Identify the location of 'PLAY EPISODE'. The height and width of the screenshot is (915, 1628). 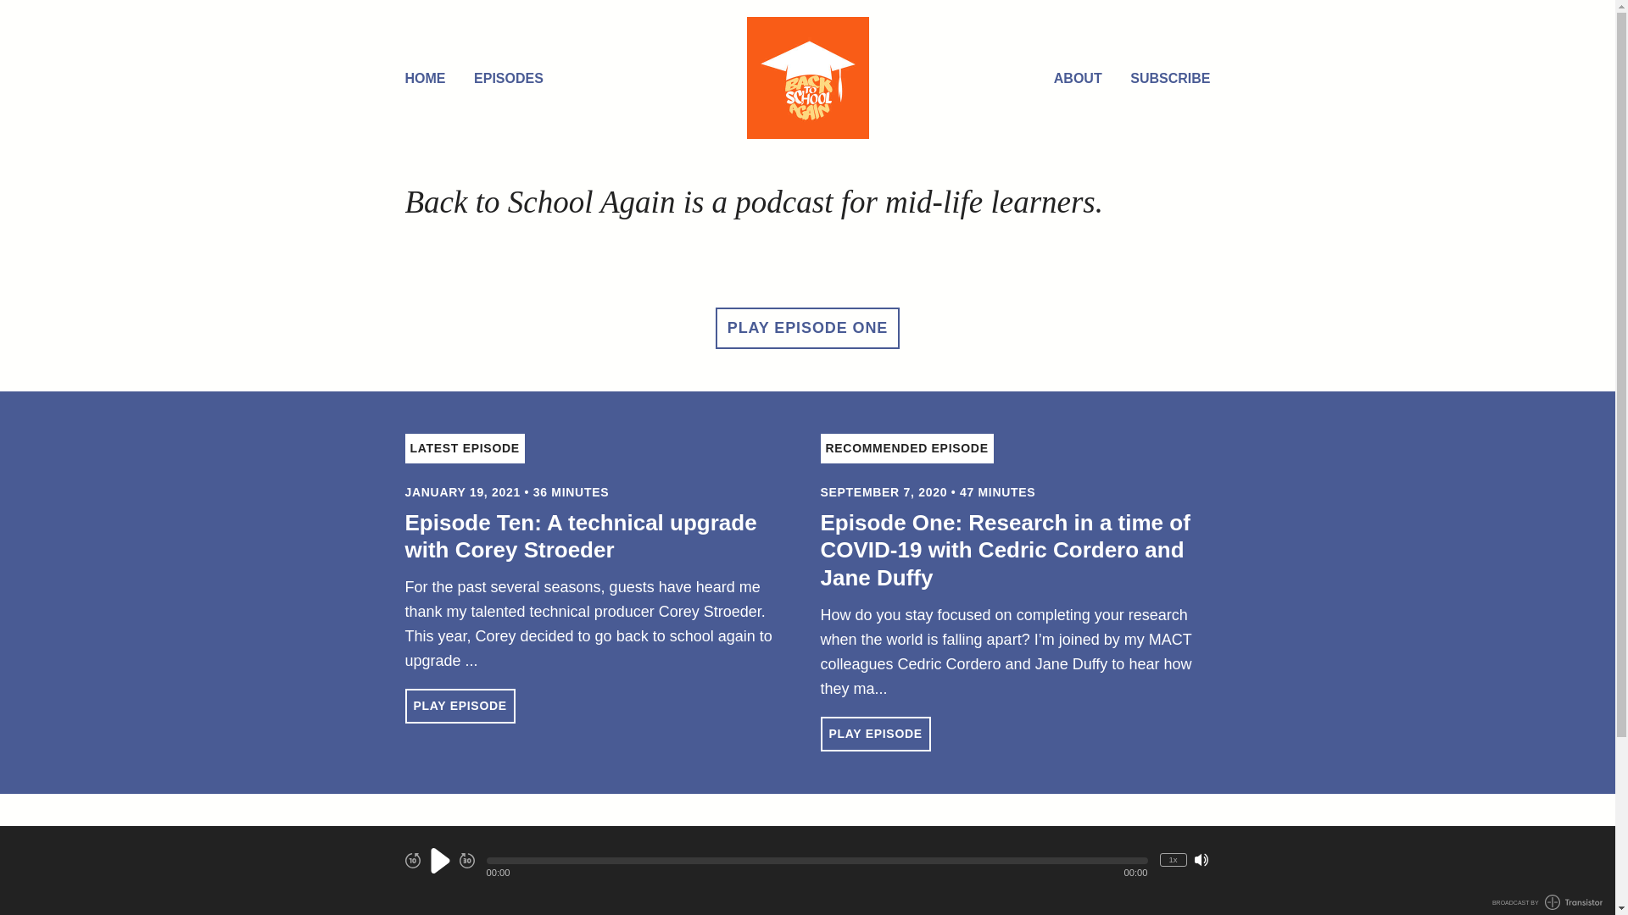
(875, 733).